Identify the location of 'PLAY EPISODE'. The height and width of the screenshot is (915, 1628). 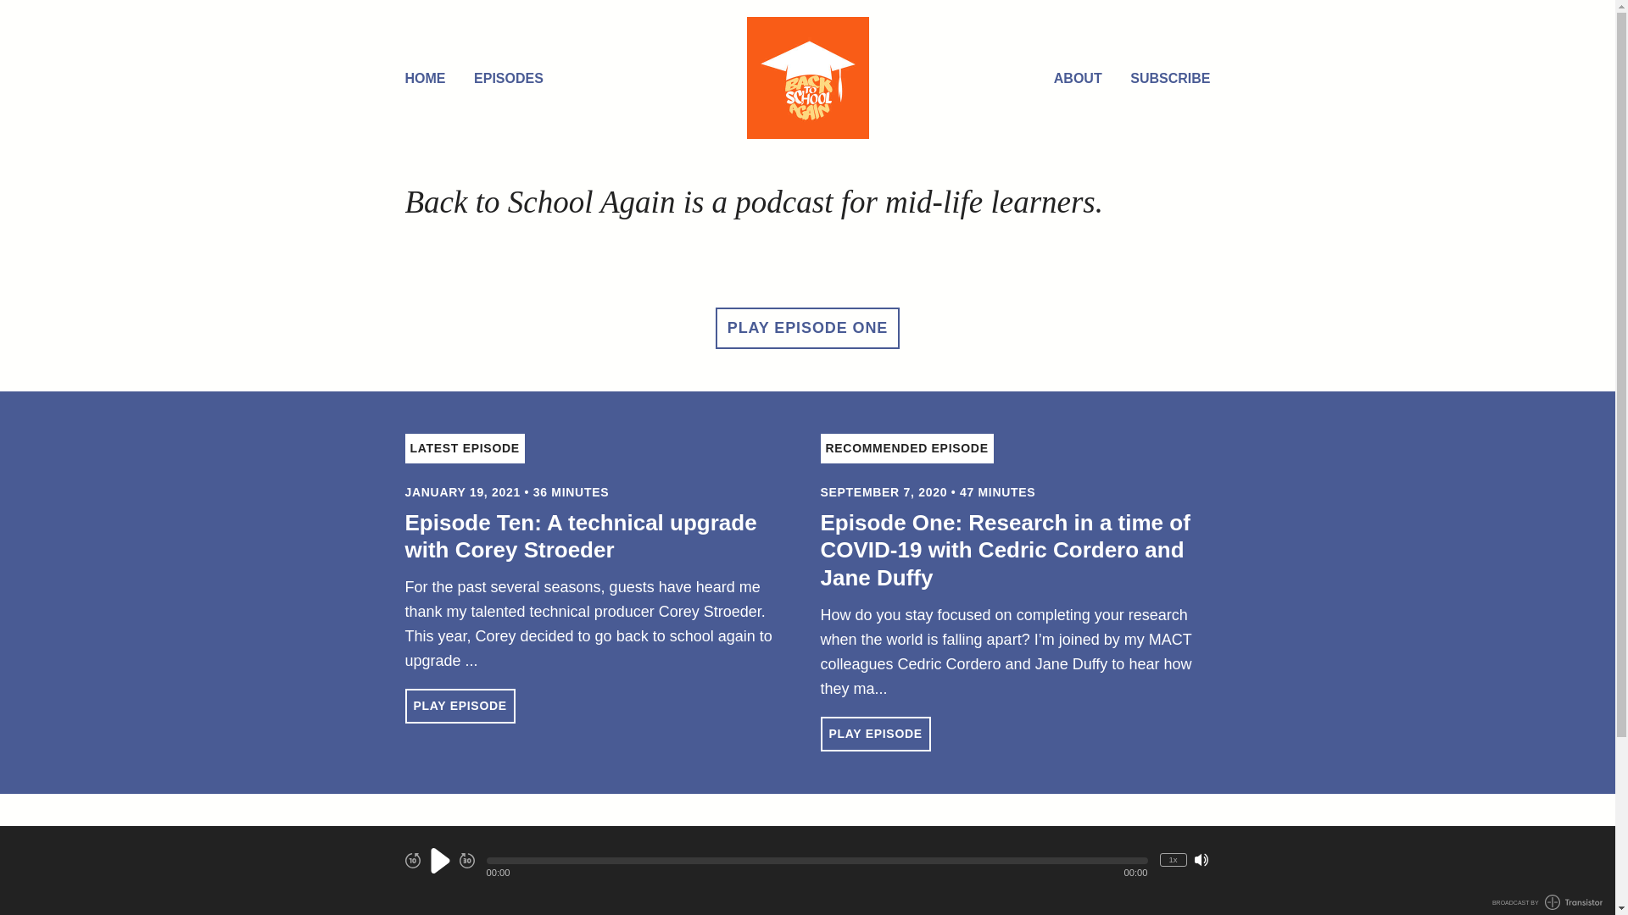
(875, 733).